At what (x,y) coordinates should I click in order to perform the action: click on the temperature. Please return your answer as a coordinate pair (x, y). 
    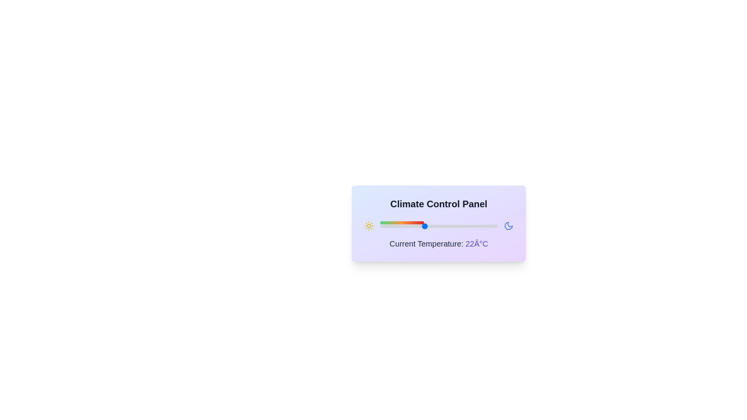
    Looking at the image, I should click on (439, 226).